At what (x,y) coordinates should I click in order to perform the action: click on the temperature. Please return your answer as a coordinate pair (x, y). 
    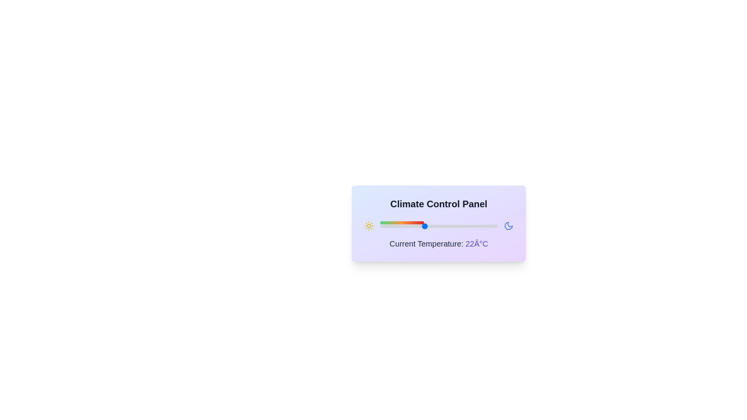
    Looking at the image, I should click on (439, 226).